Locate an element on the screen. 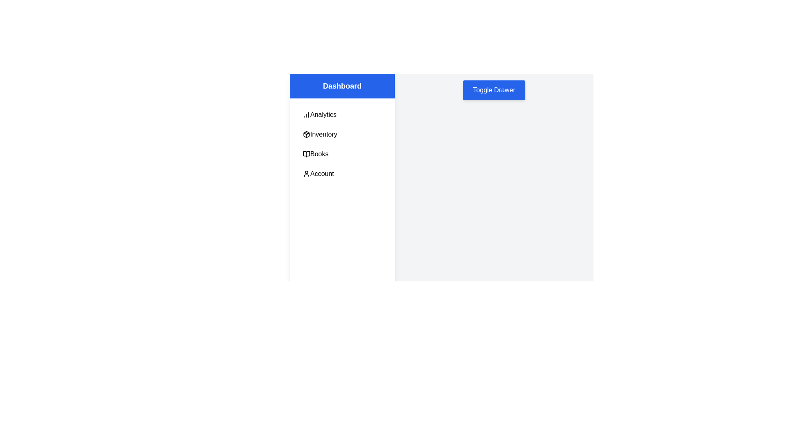 The height and width of the screenshot is (443, 788). the menu item Inventory in the drawer is located at coordinates (342, 134).